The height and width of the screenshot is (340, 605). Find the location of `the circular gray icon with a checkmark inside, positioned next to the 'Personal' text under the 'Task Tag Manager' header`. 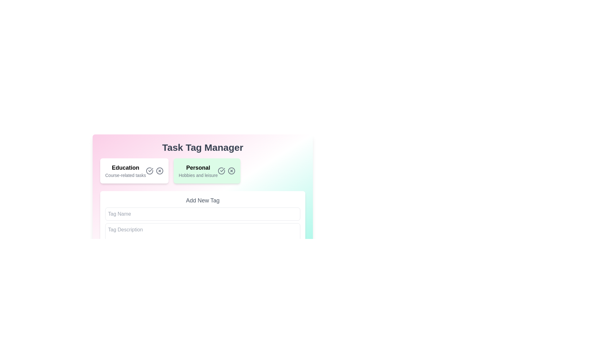

the circular gray icon with a checkmark inside, positioned next to the 'Personal' text under the 'Task Tag Manager' header is located at coordinates (149, 171).